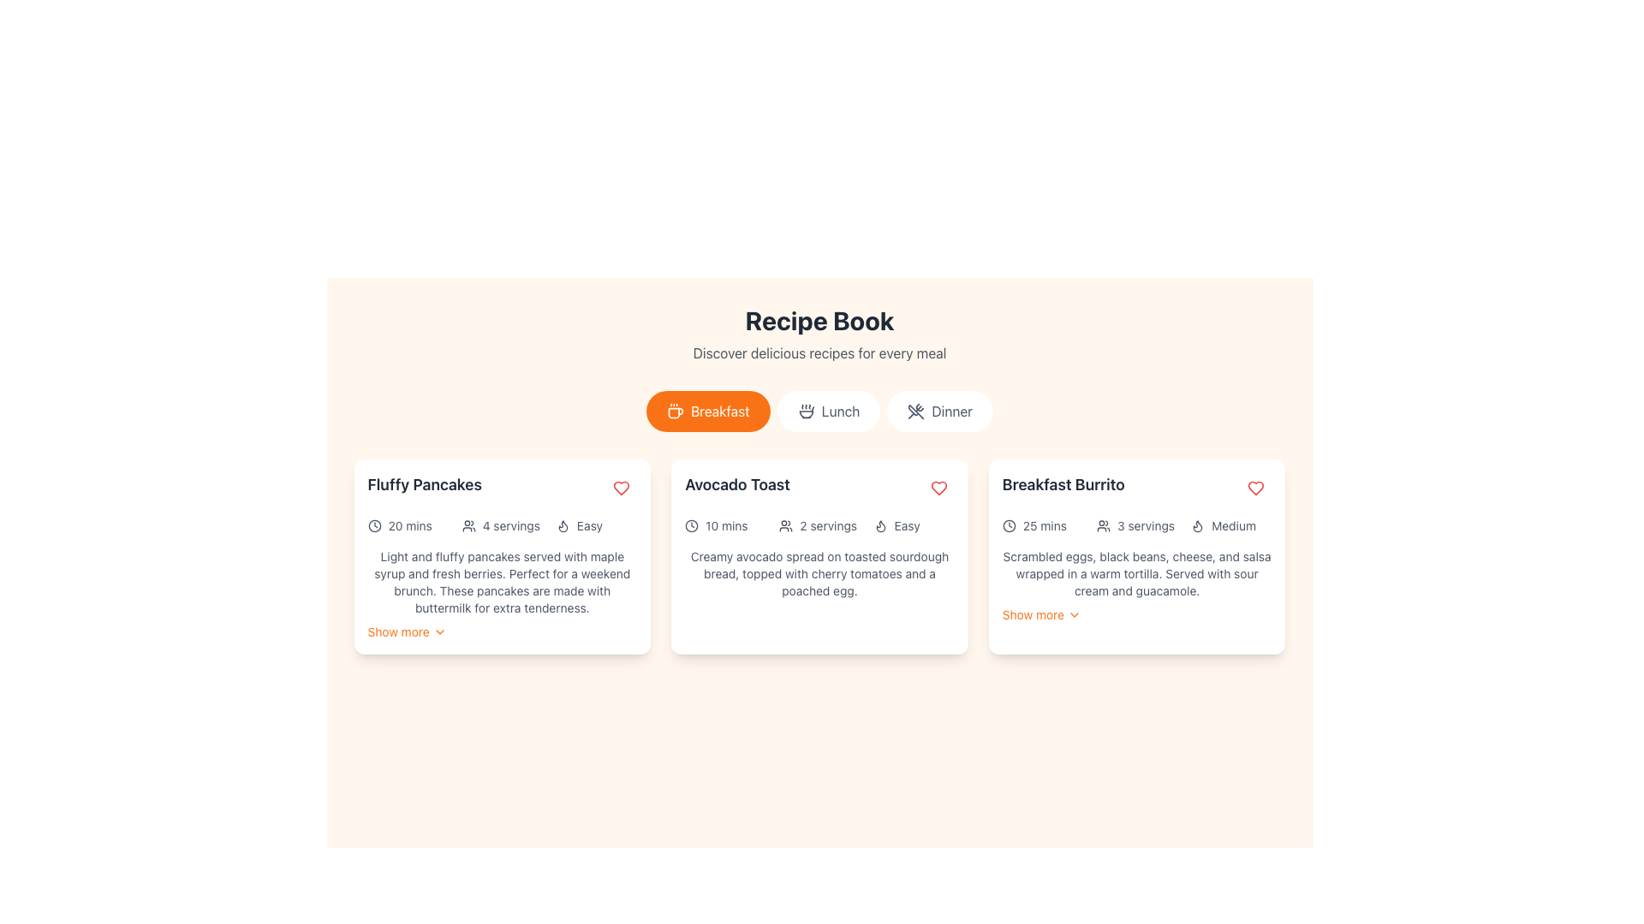 This screenshot has width=1644, height=924. What do you see at coordinates (1137, 574) in the screenshot?
I see `the text from the small gray text label that describes the recipe, which is located in the 'Breakfast Burrito' card, positioned in the rightmost column of the layout` at bounding box center [1137, 574].